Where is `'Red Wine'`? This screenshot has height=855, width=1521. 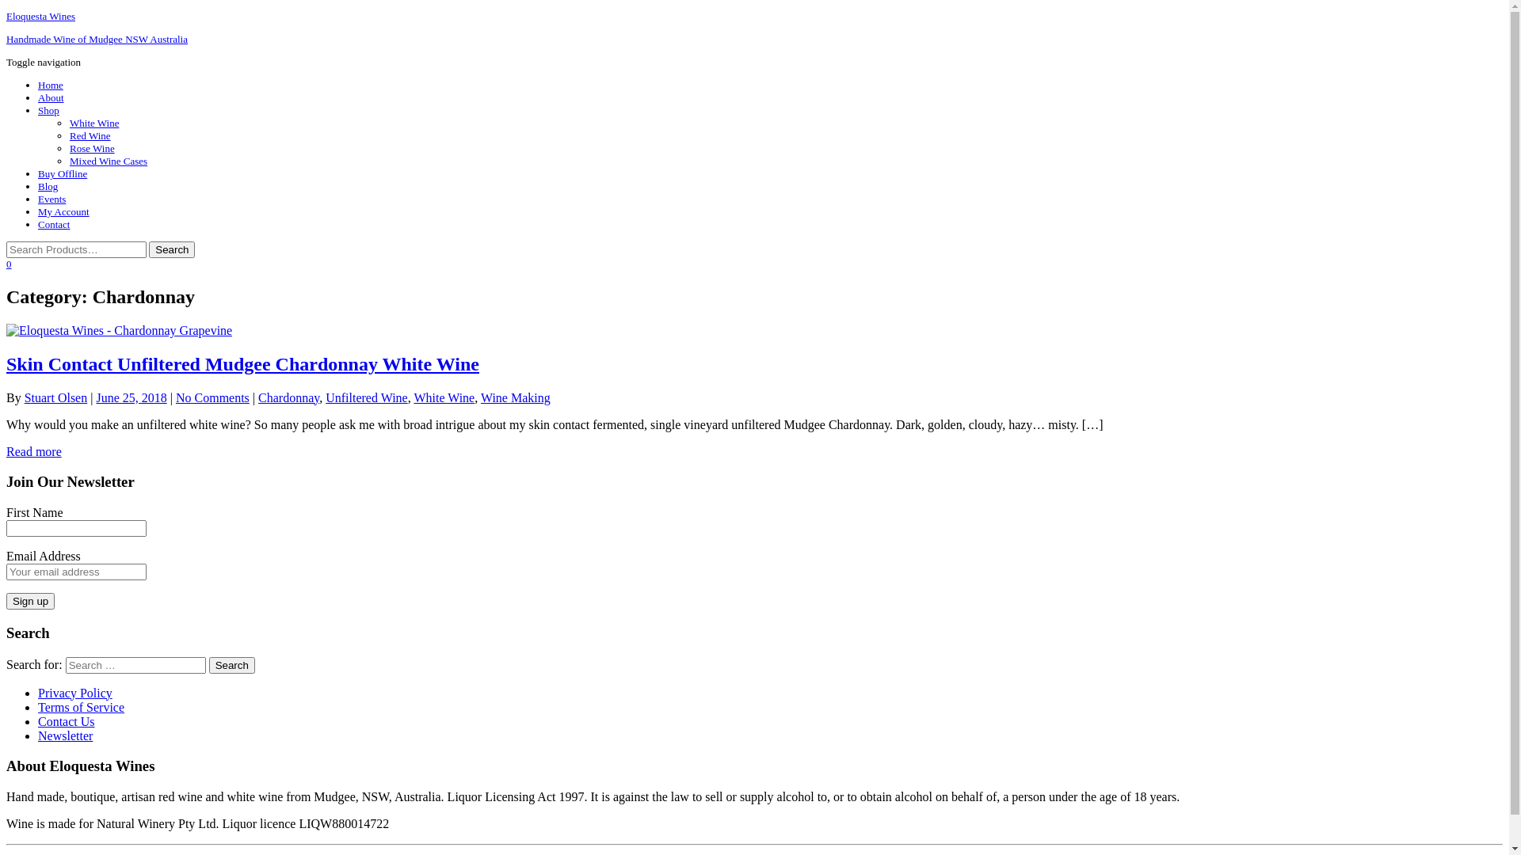
'Red Wine' is located at coordinates (90, 135).